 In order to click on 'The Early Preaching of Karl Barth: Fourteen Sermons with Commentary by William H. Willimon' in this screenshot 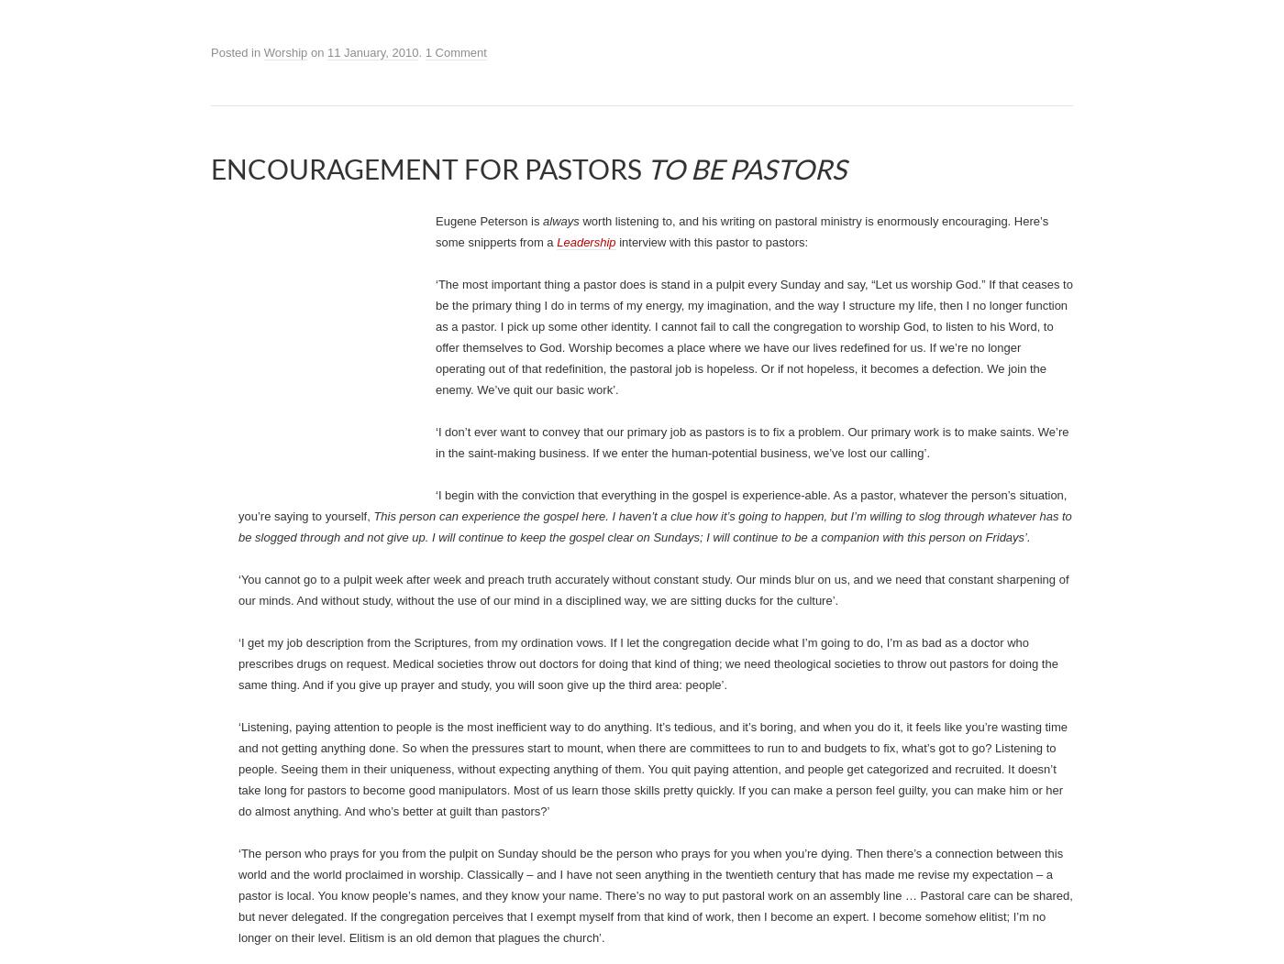, I will do `click(642, 318)`.